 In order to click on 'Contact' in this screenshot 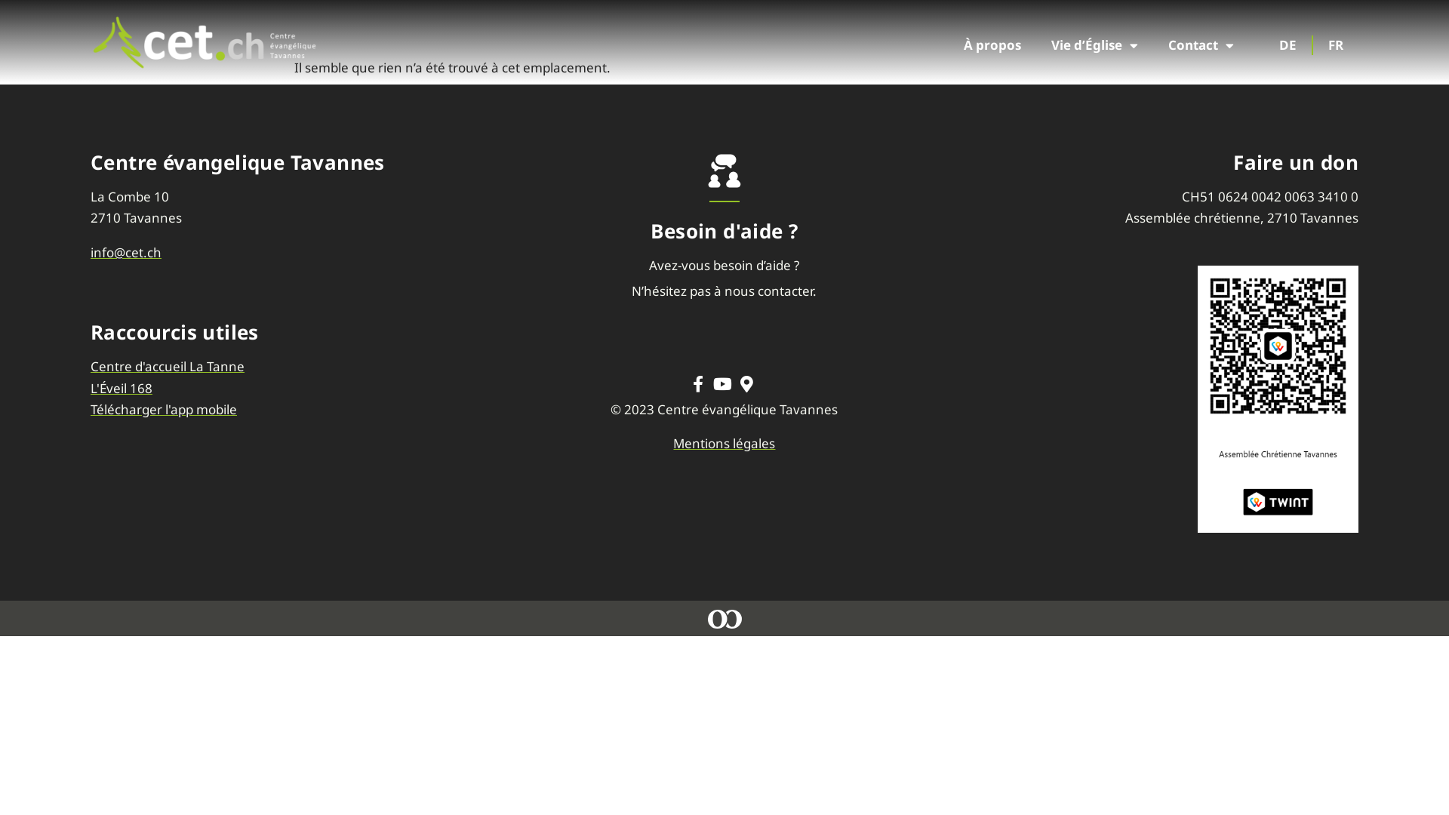, I will do `click(1200, 45)`.